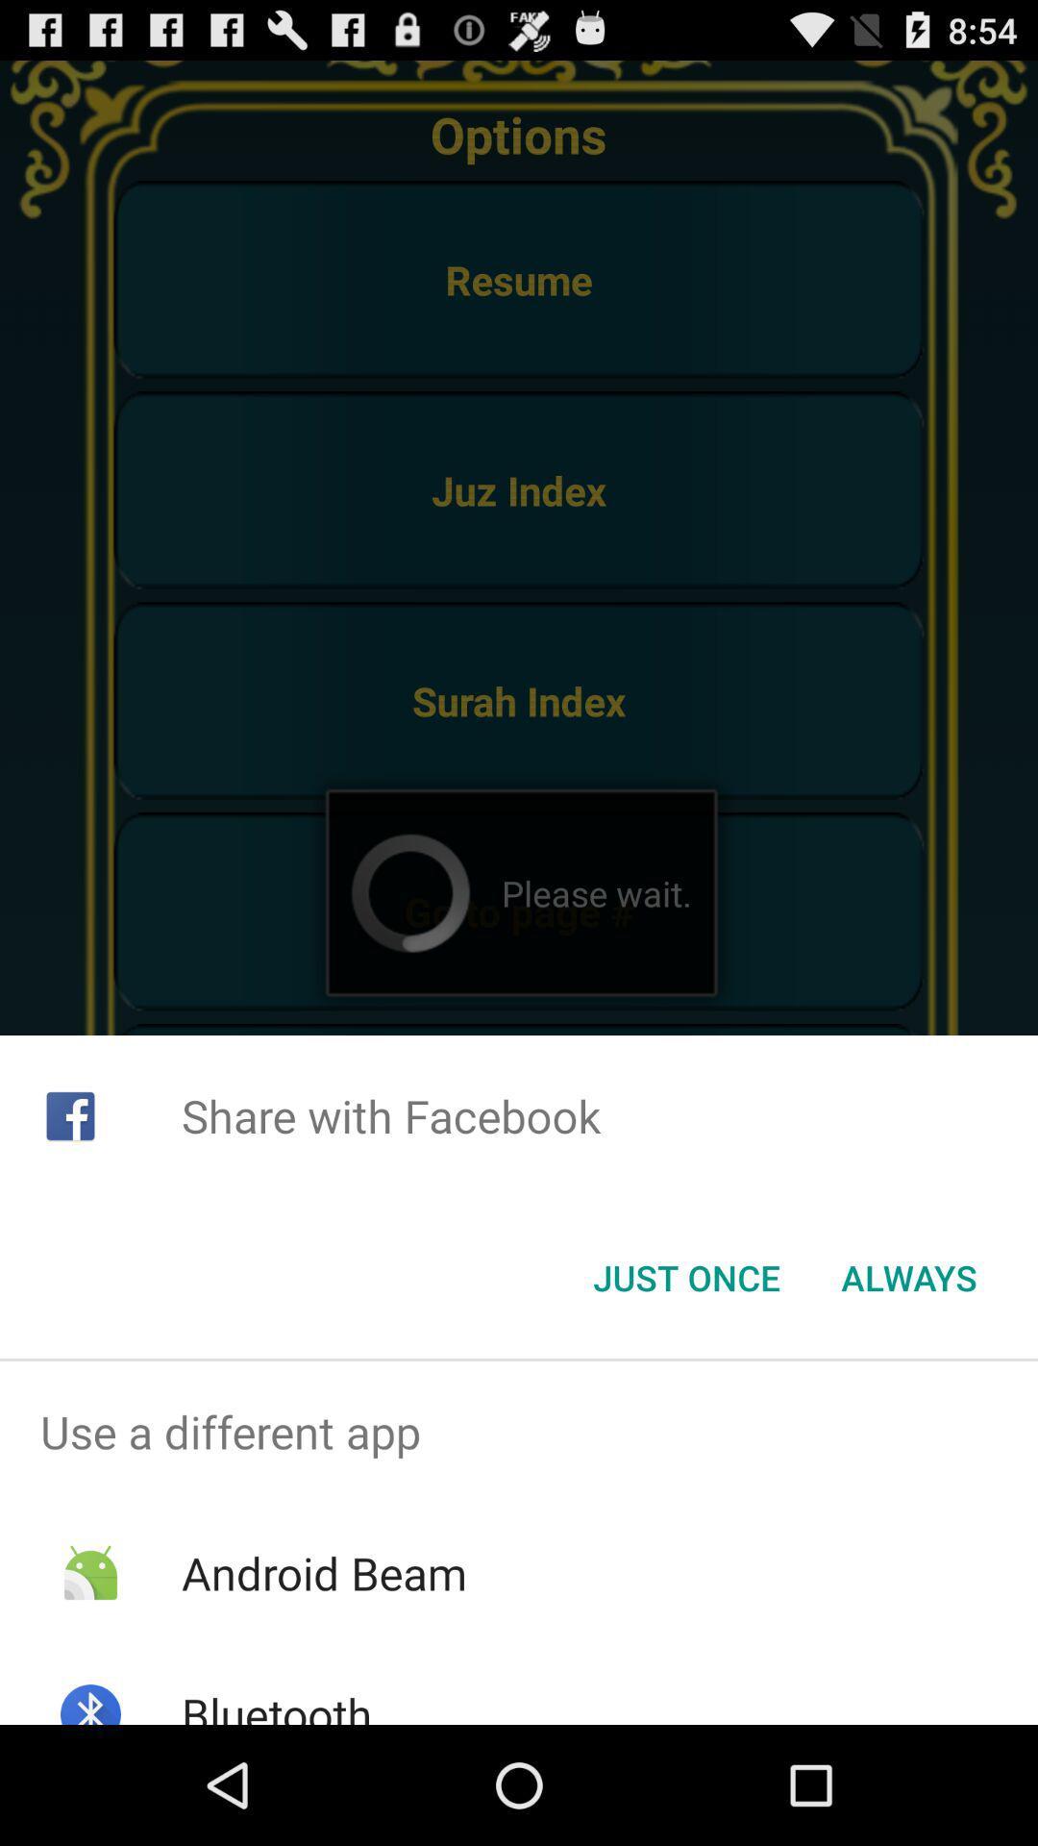 This screenshot has height=1846, width=1038. Describe the element at coordinates (908, 1278) in the screenshot. I see `icon below share with facebook icon` at that location.